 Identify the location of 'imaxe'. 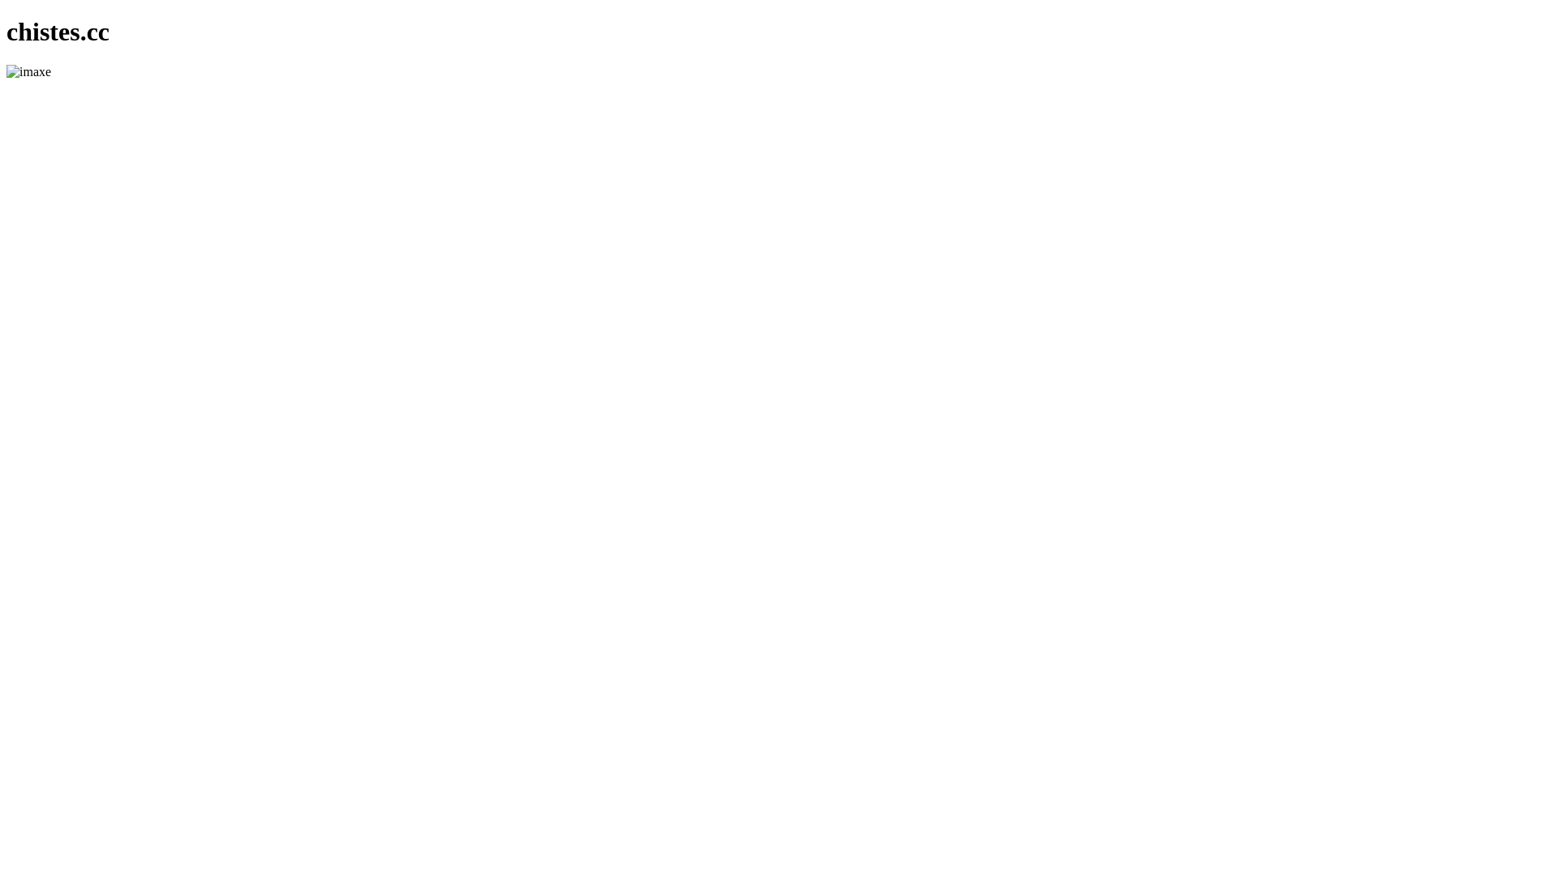
(28, 70).